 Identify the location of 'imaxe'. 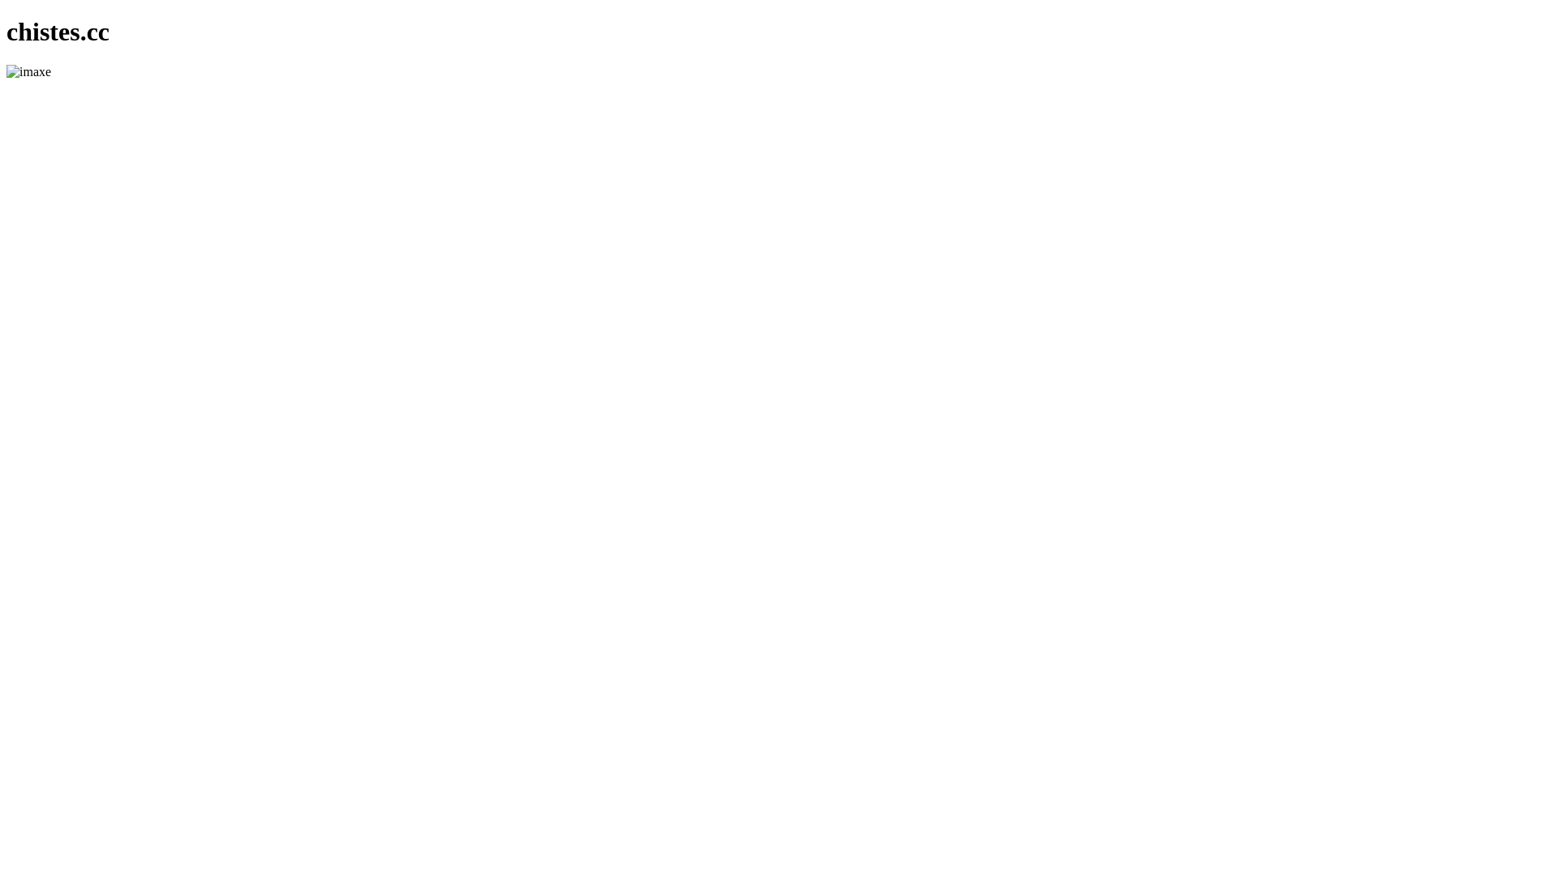
(28, 70).